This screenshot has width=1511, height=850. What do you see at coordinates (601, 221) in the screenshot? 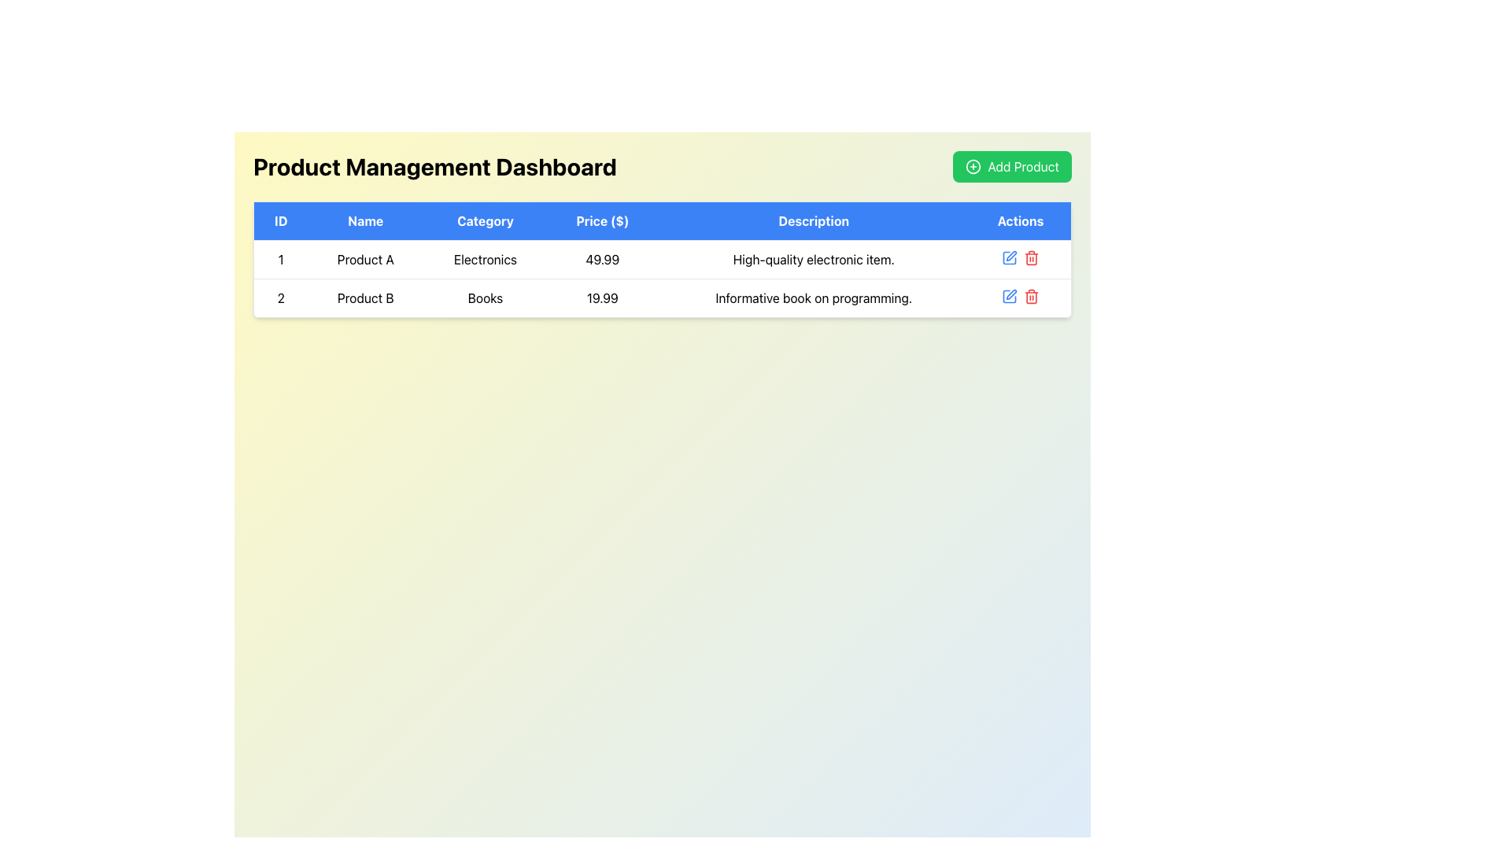
I see `the 'Price ($)' table header cell, which is the fourth header cell from the left in the table's header row, positioned between the 'Category' and 'Description' headers` at bounding box center [601, 221].